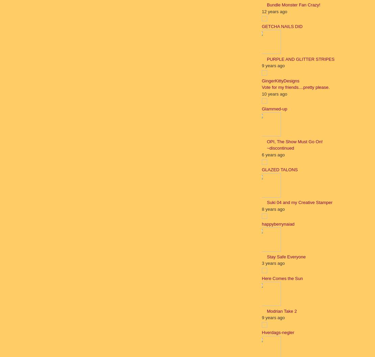  I want to click on 'Stay Safe Everyone', so click(286, 256).